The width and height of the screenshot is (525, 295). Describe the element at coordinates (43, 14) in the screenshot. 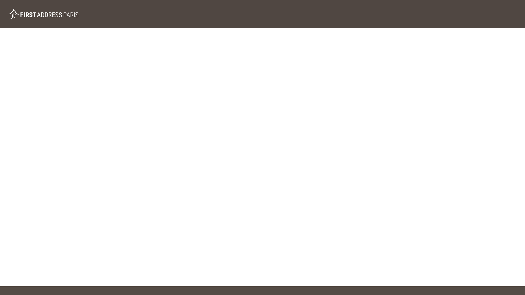

I see `'First Address Paris'` at that location.